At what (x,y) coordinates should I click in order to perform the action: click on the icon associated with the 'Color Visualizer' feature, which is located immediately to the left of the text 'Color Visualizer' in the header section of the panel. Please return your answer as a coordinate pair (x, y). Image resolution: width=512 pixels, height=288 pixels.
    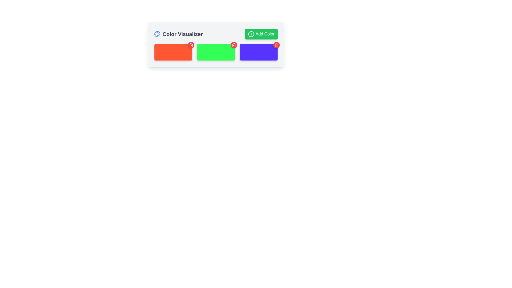
    Looking at the image, I should click on (157, 34).